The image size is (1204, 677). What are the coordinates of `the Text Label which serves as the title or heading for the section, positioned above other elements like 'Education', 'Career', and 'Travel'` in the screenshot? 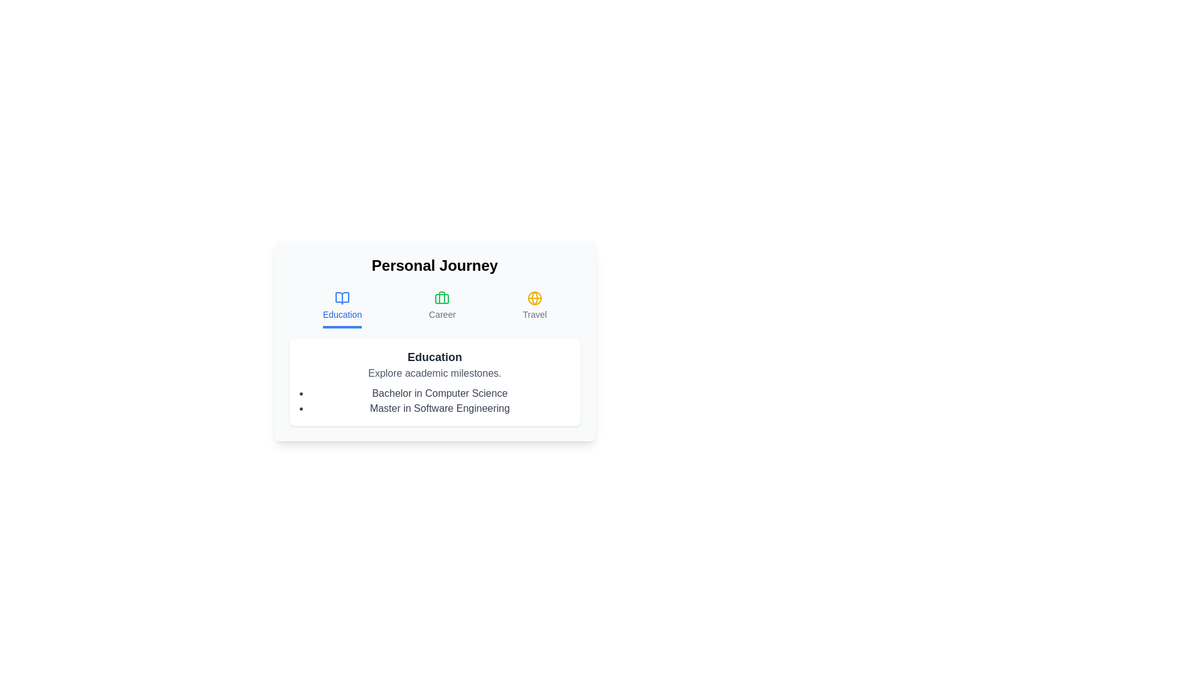 It's located at (435, 265).